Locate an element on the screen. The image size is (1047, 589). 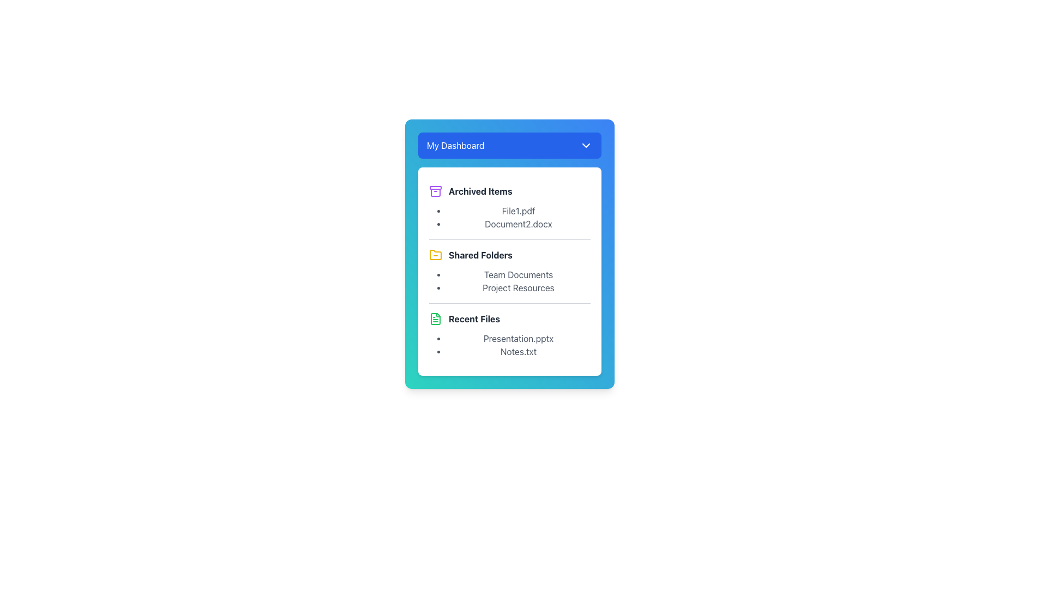
the 'Recent Files' icon located in the top-left corner of the 'Recent Files' section of the dashboard is located at coordinates (435, 319).